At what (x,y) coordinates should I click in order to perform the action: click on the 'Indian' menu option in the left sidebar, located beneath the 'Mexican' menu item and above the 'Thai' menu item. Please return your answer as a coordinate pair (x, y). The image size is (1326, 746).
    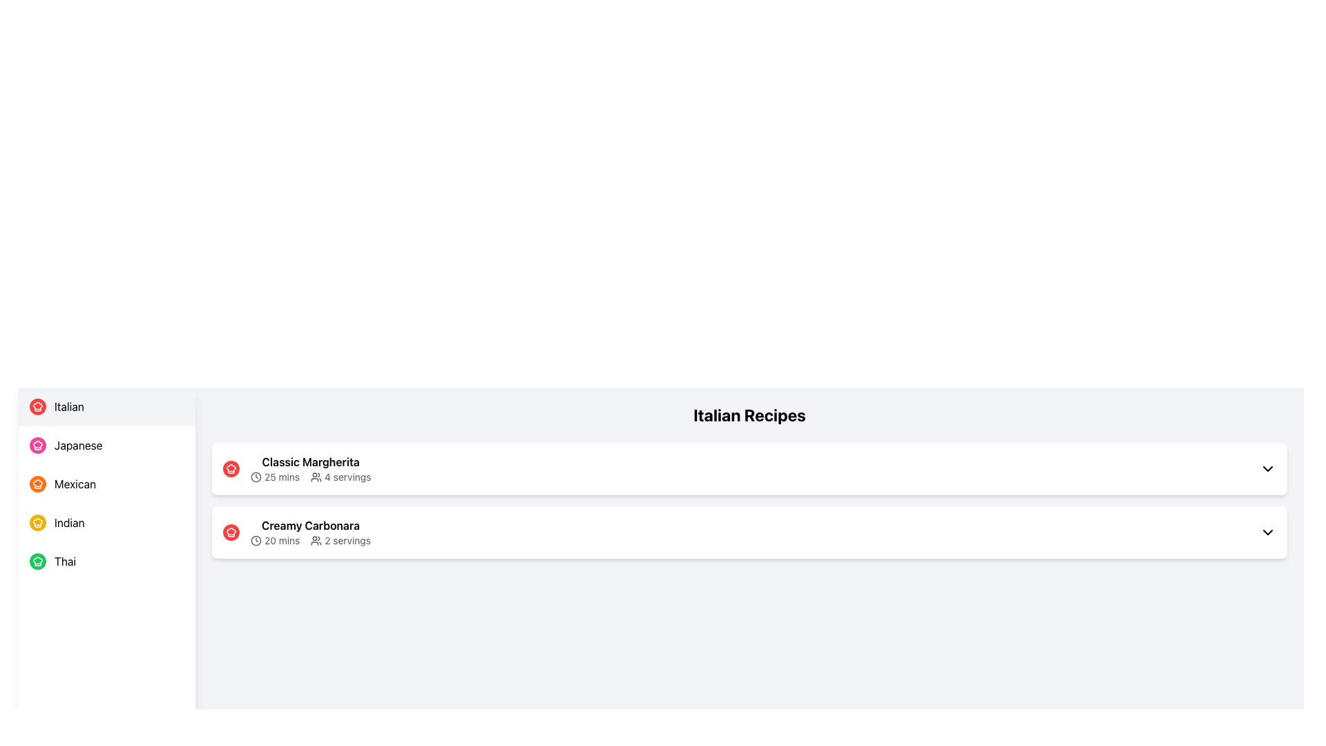
    Looking at the image, I should click on (68, 522).